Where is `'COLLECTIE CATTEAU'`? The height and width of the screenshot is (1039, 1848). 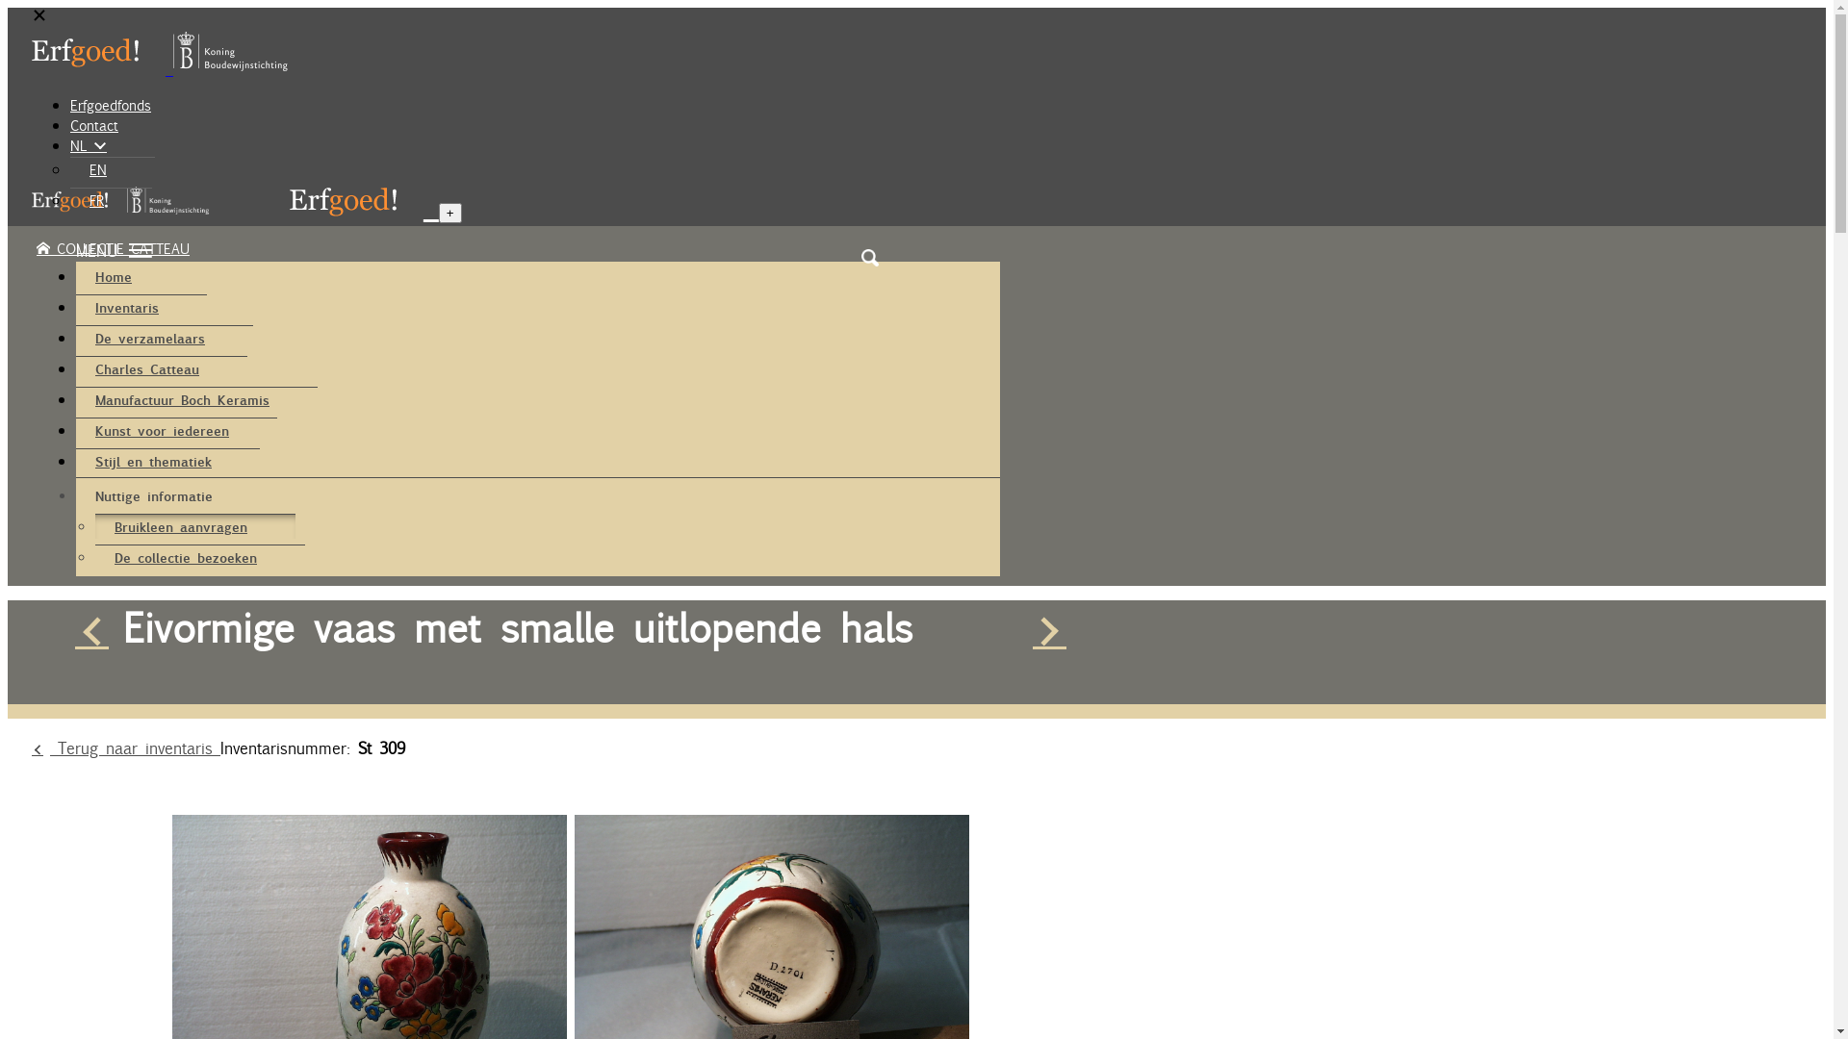
'COLLECTIE CATTEAU' is located at coordinates (112, 247).